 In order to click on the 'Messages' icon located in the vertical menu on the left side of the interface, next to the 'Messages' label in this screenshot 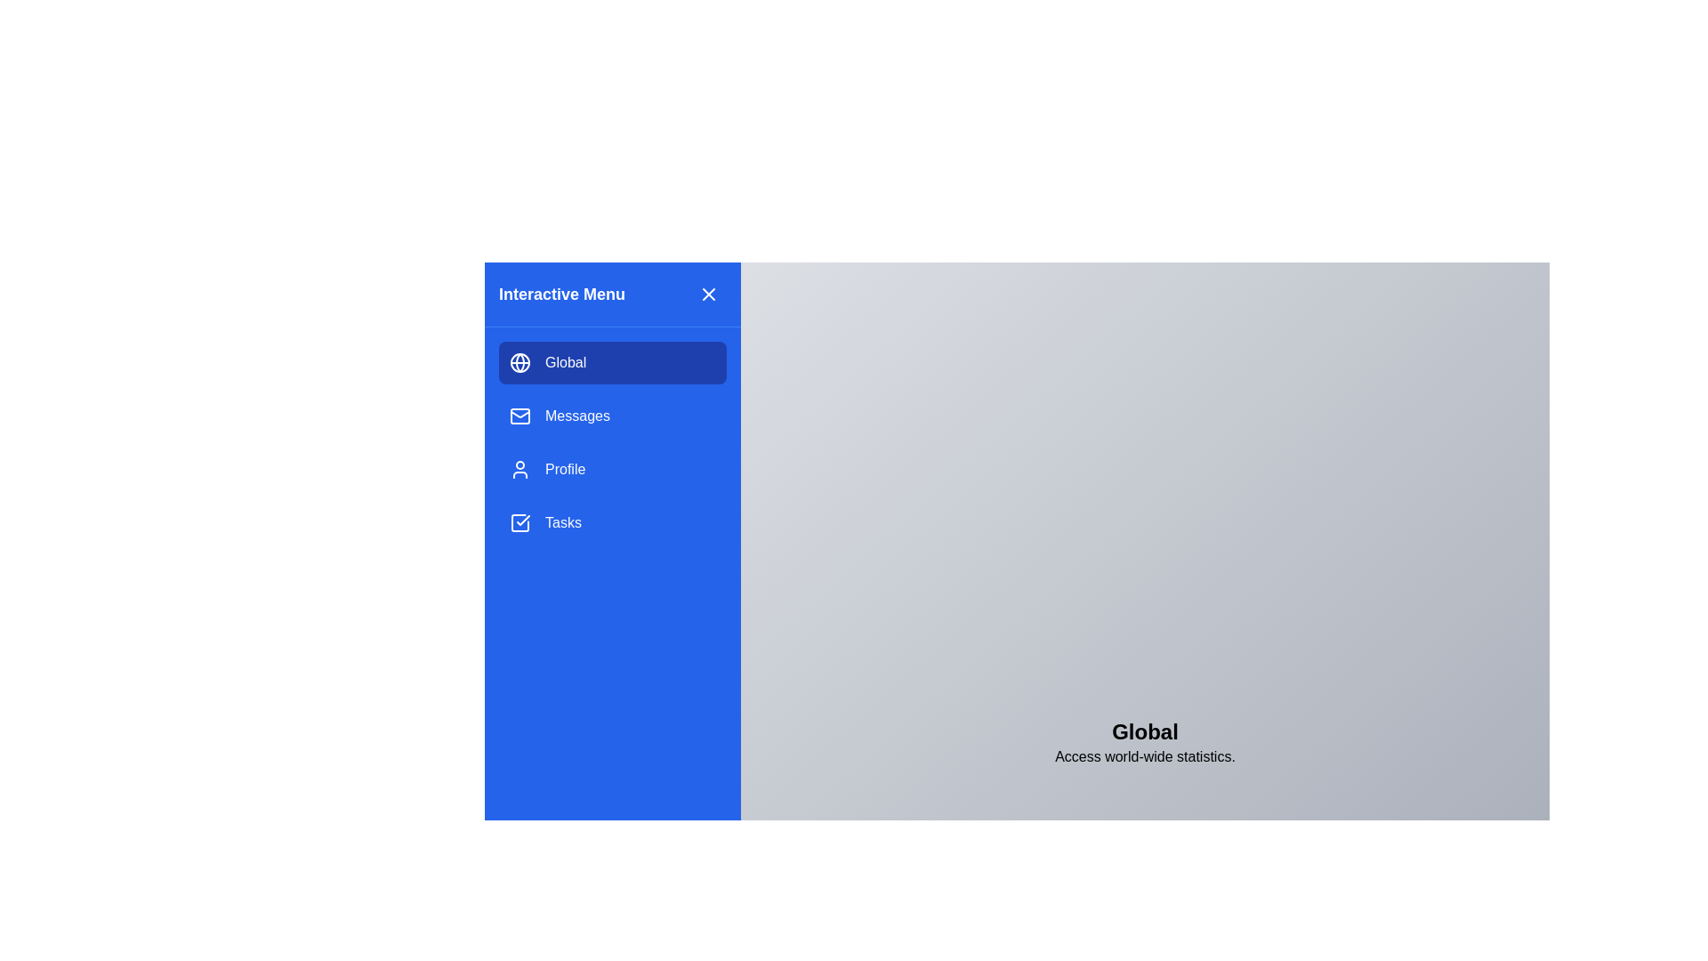, I will do `click(520, 416)`.